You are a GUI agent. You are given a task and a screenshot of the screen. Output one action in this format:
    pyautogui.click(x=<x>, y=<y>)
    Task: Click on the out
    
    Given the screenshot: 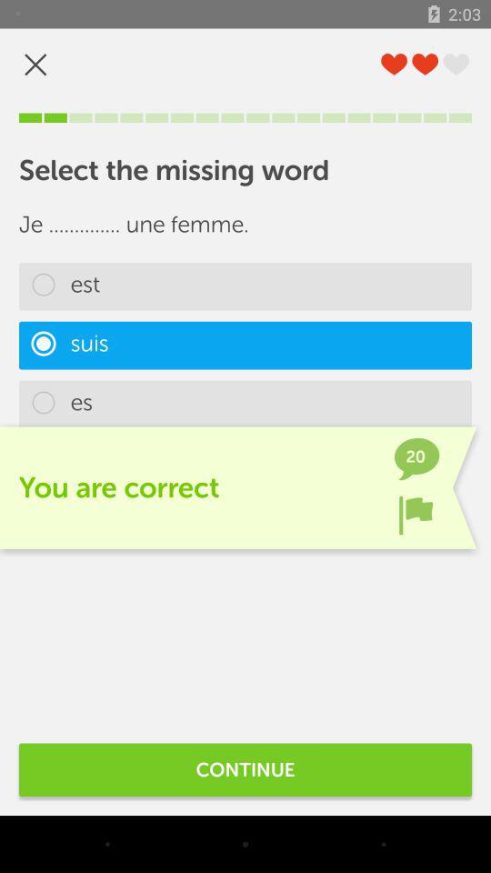 What is the action you would take?
    pyautogui.click(x=35, y=65)
    